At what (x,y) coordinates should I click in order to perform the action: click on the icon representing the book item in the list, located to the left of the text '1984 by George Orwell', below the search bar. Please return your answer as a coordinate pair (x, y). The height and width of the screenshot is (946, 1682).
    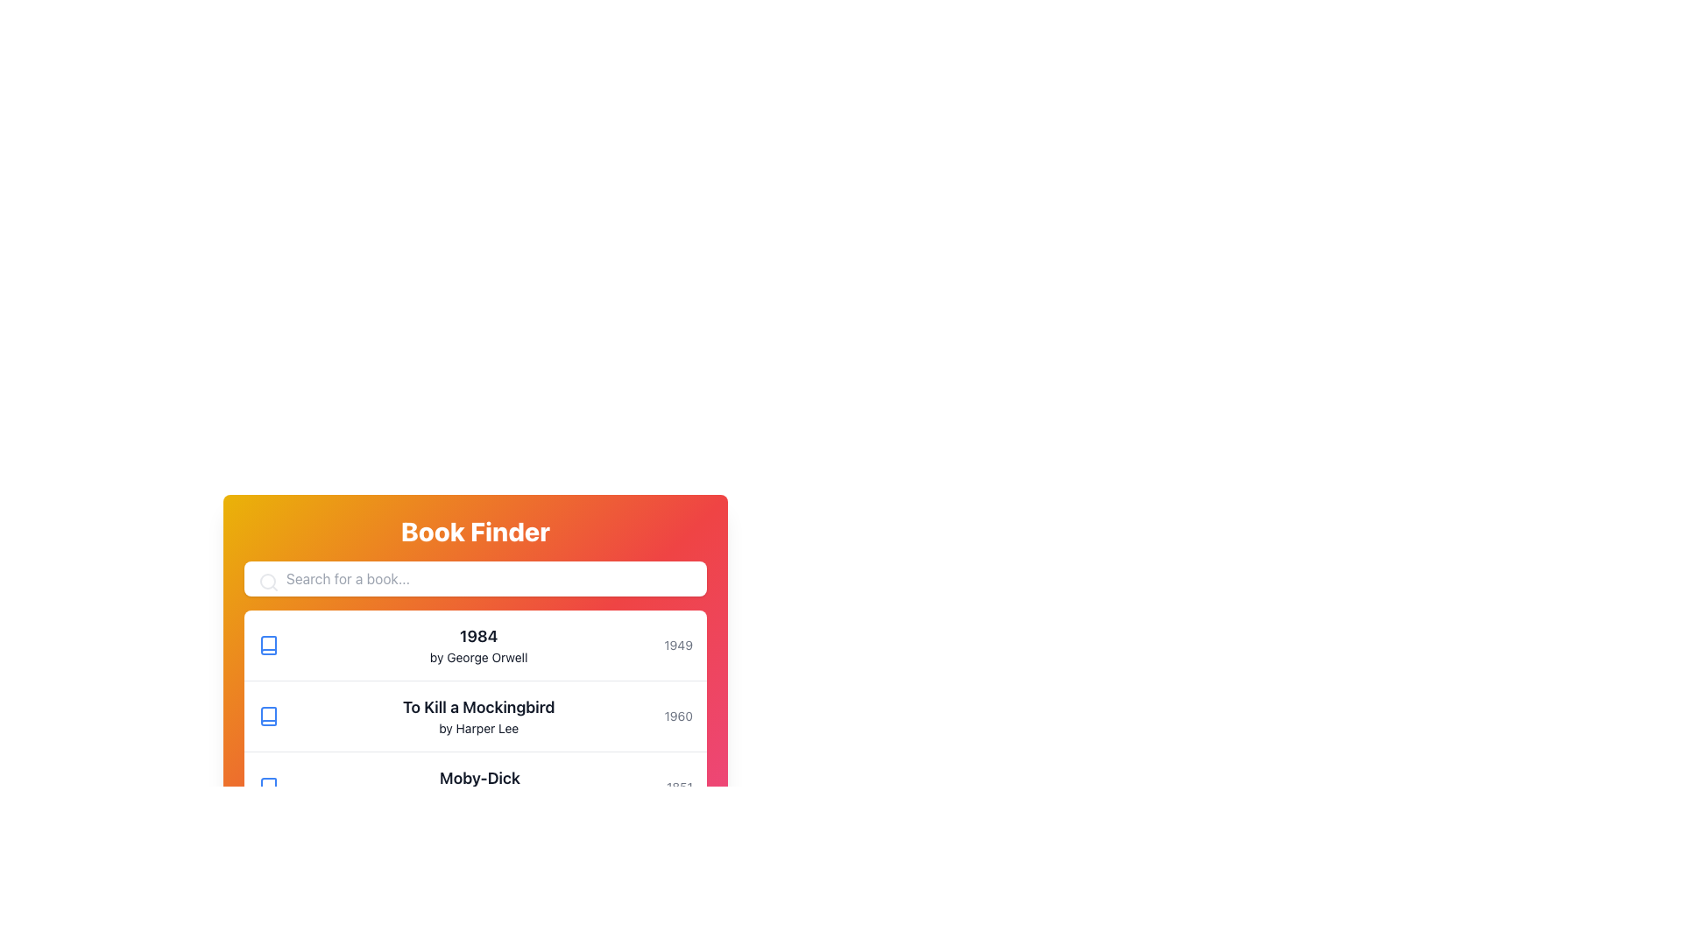
    Looking at the image, I should click on (268, 645).